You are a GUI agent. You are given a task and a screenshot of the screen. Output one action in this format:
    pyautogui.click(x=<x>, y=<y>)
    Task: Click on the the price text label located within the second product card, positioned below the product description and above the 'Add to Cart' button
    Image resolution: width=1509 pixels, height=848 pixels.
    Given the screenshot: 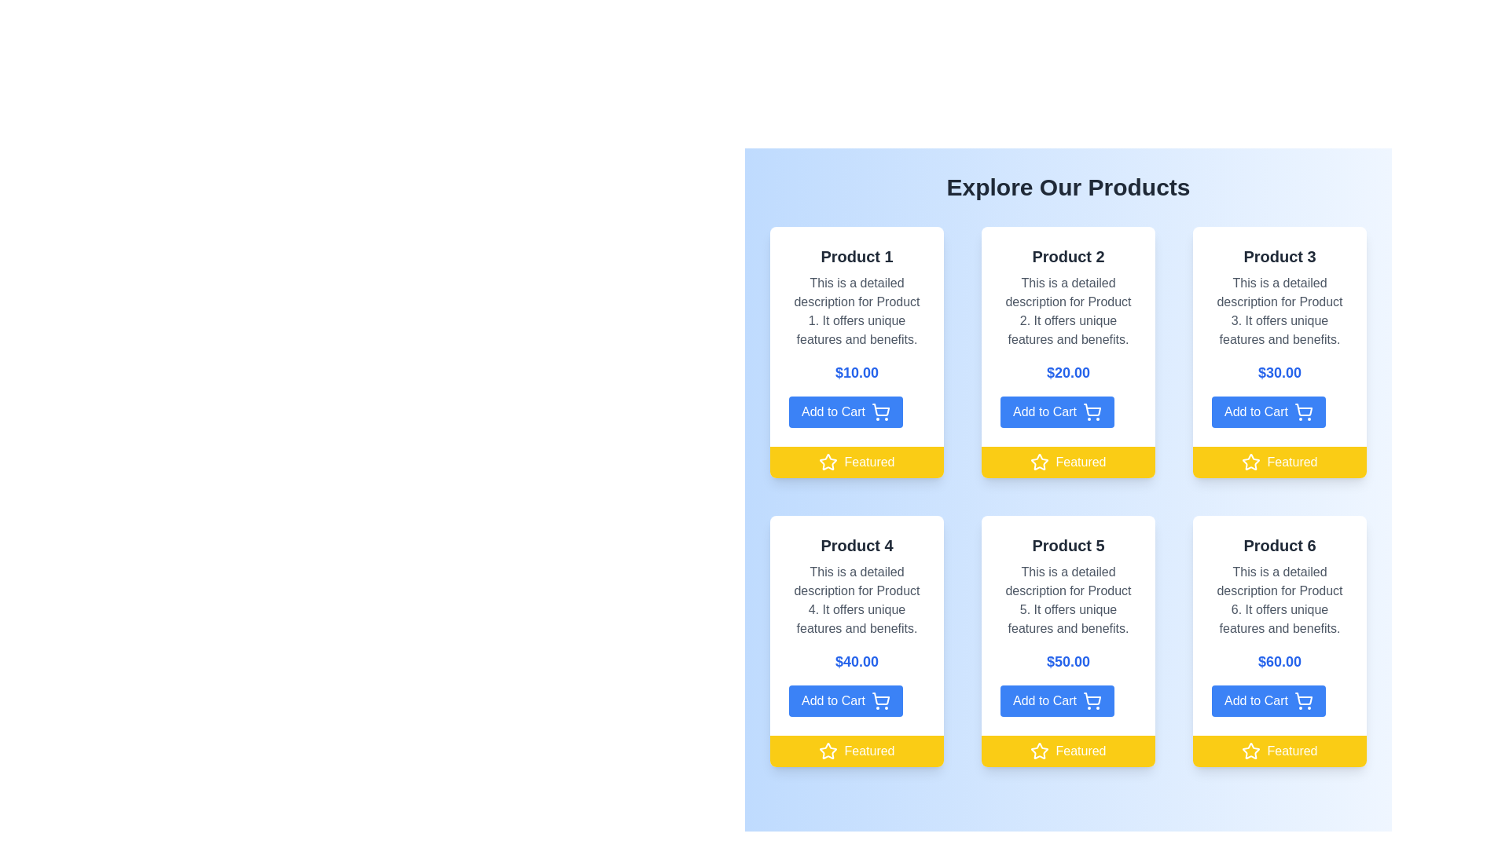 What is the action you would take?
    pyautogui.click(x=1068, y=372)
    